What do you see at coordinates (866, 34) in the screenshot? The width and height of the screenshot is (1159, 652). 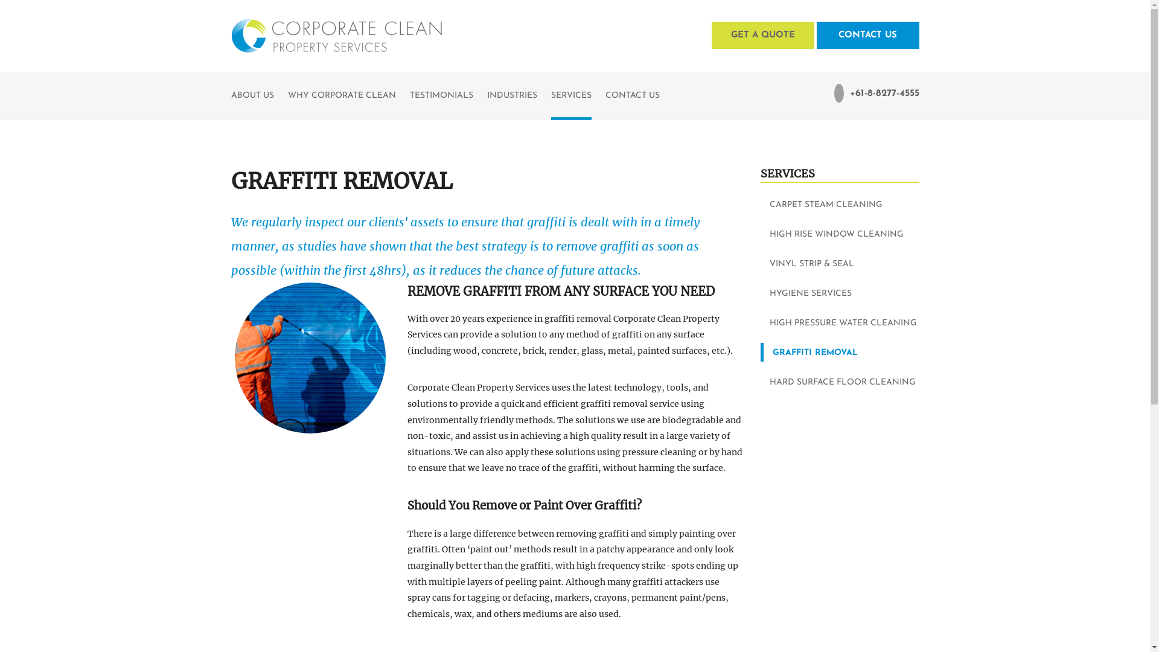 I see `'CONTACT US'` at bounding box center [866, 34].